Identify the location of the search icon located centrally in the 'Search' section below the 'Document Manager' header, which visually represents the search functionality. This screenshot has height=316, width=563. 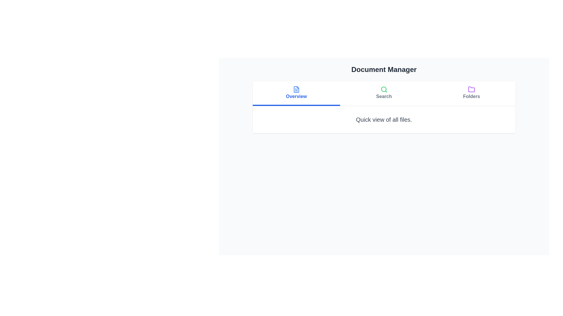
(384, 89).